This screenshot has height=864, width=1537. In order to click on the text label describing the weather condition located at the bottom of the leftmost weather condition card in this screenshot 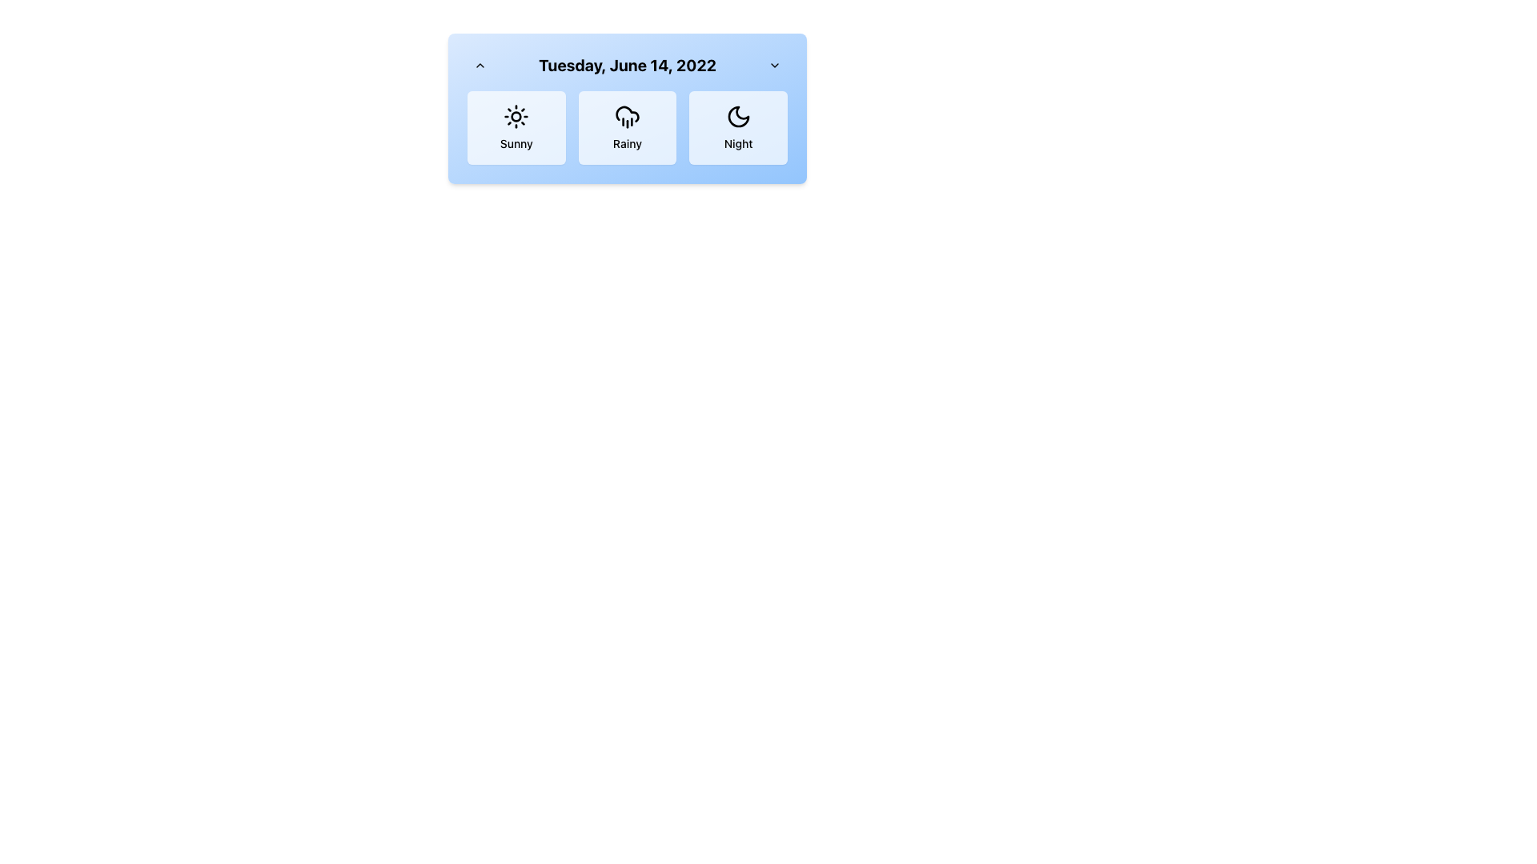, I will do `click(516, 144)`.